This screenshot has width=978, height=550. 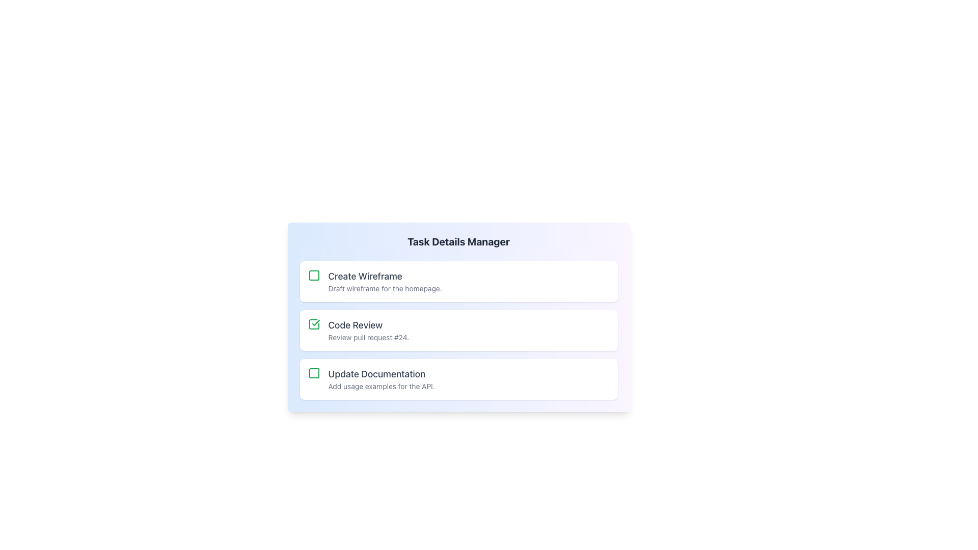 What do you see at coordinates (313, 275) in the screenshot?
I see `the green square icon located at the upper-left corner of the 'Create Wireframe' task section` at bounding box center [313, 275].